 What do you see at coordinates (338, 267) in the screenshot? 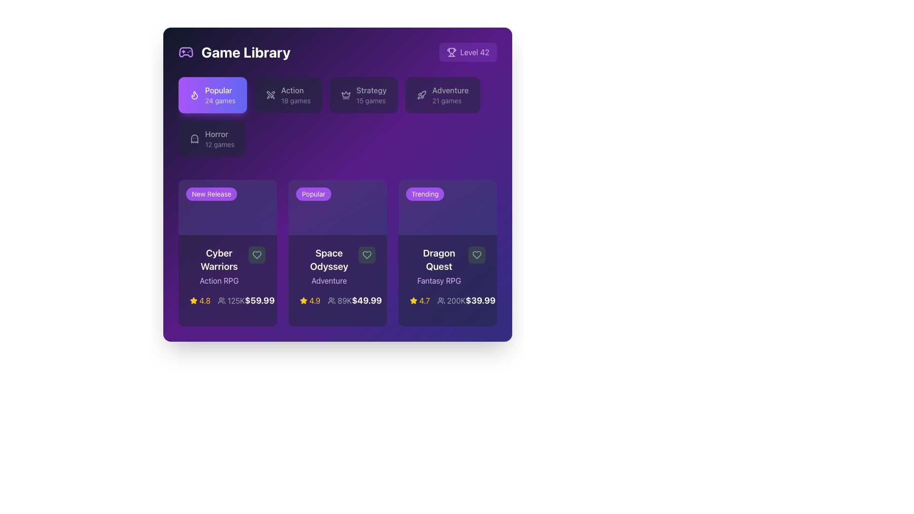
I see `title and category information text from the game listing located in the second card of the game catalog, positioned between the 'Cyber Warriors' and 'Dragon Quest' cards` at bounding box center [338, 267].